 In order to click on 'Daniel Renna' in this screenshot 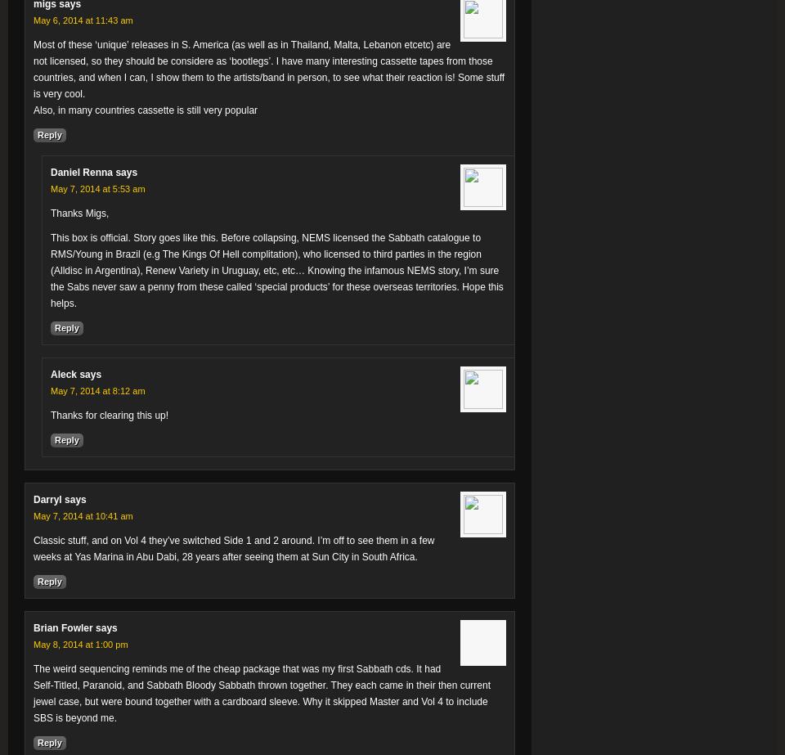, I will do `click(82, 172)`.